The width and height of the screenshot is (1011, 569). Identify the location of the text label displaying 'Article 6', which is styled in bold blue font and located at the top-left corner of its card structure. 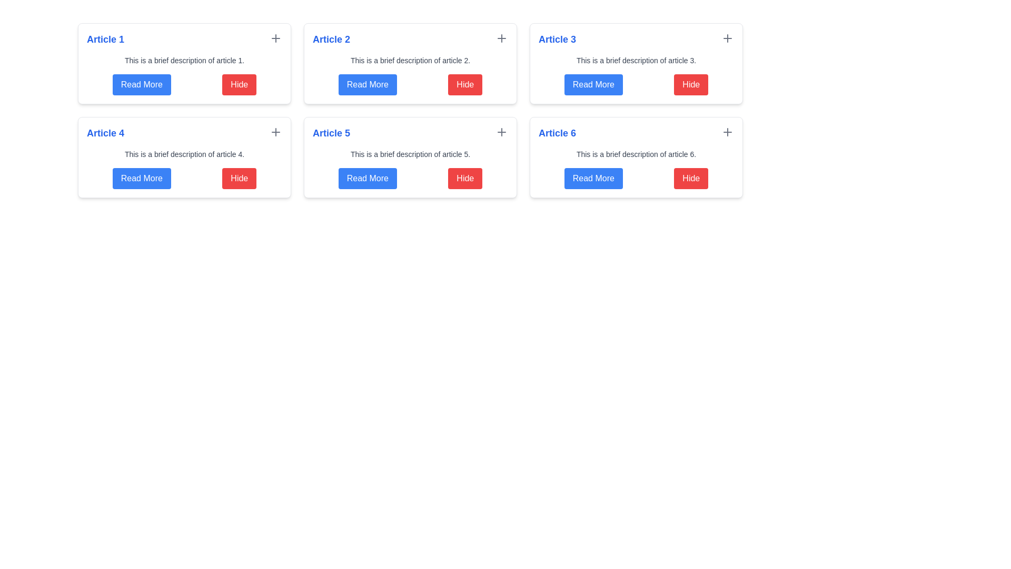
(557, 133).